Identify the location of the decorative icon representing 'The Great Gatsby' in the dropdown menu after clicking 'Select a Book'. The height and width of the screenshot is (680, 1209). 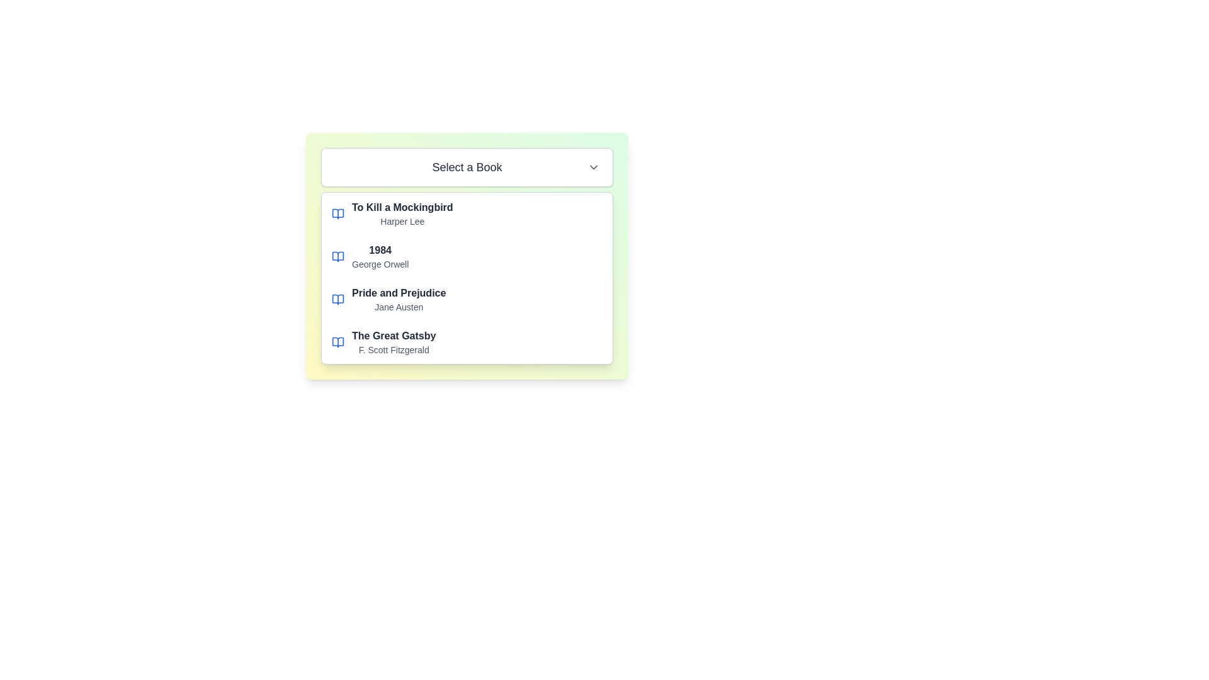
(338, 342).